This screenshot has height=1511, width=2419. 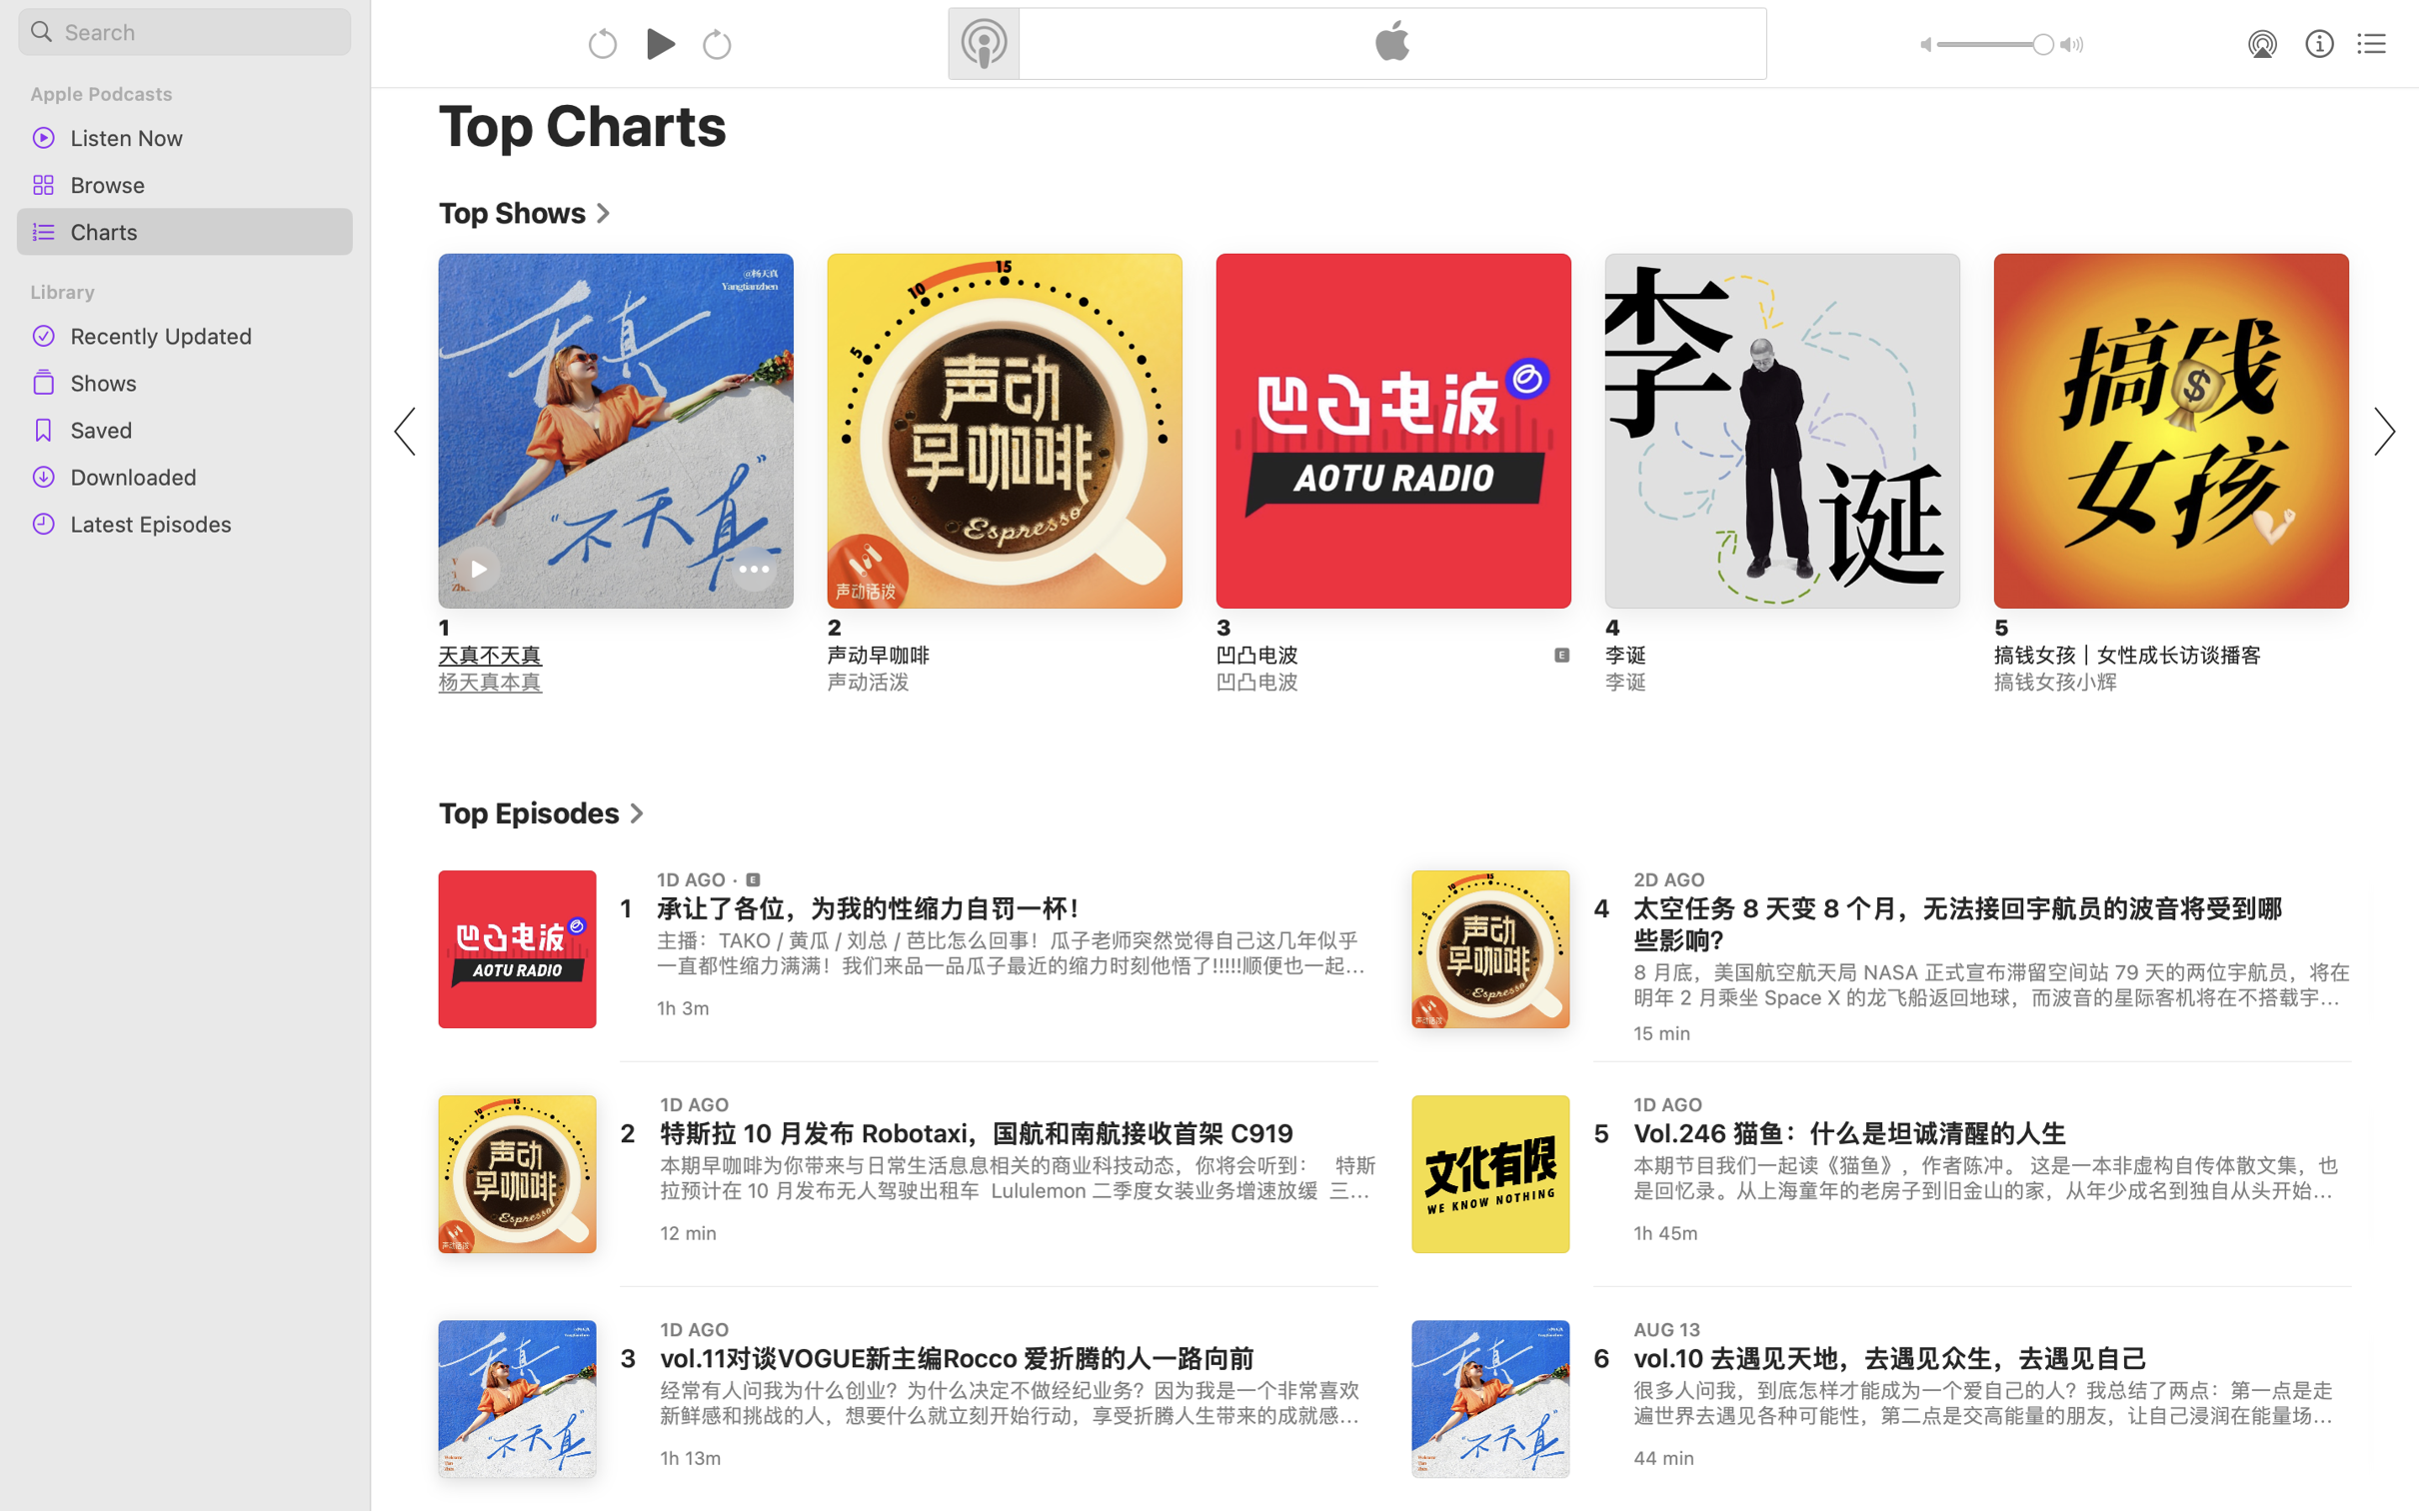 What do you see at coordinates (1995, 44) in the screenshot?
I see `'1.0'` at bounding box center [1995, 44].